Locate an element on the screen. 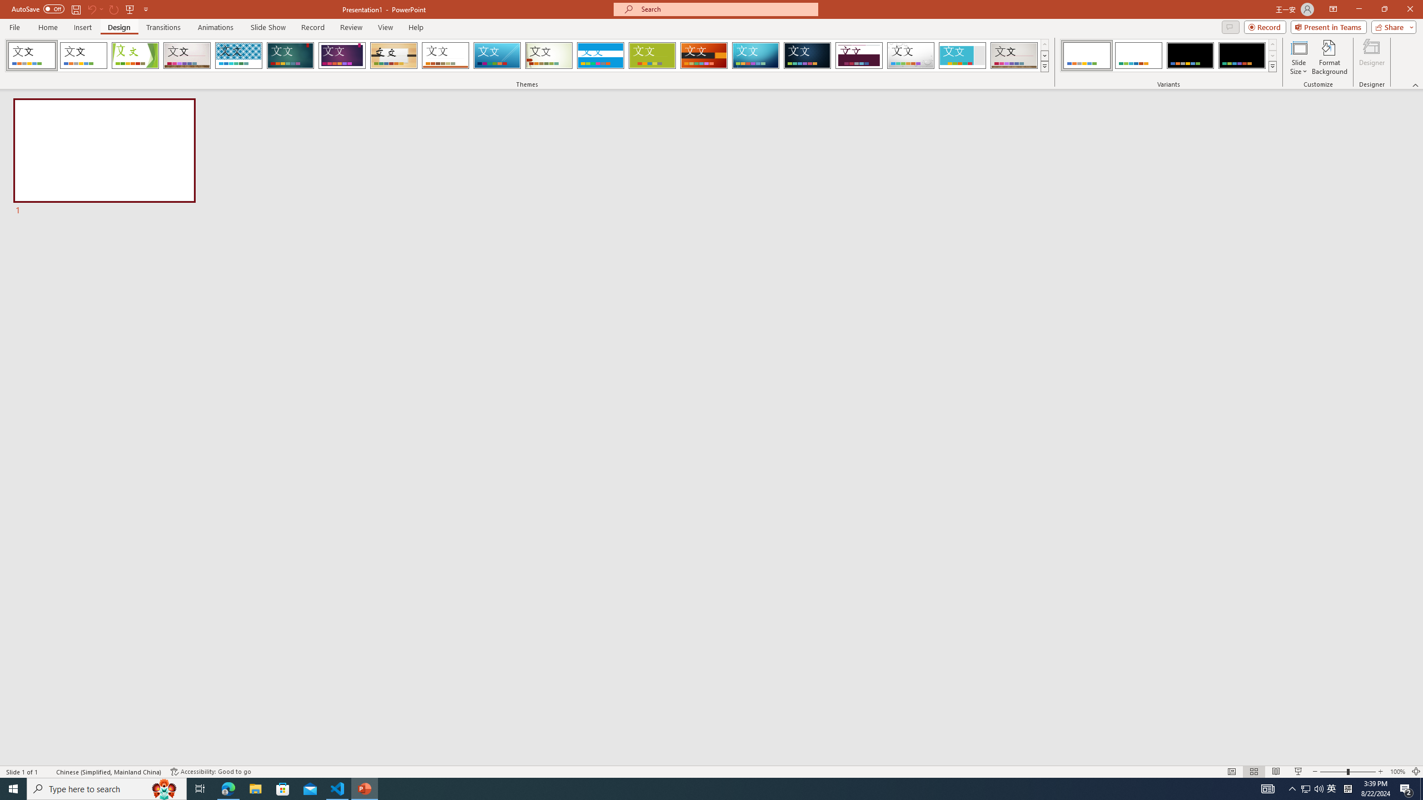  'Damask Loading Preview...' is located at coordinates (807, 55).